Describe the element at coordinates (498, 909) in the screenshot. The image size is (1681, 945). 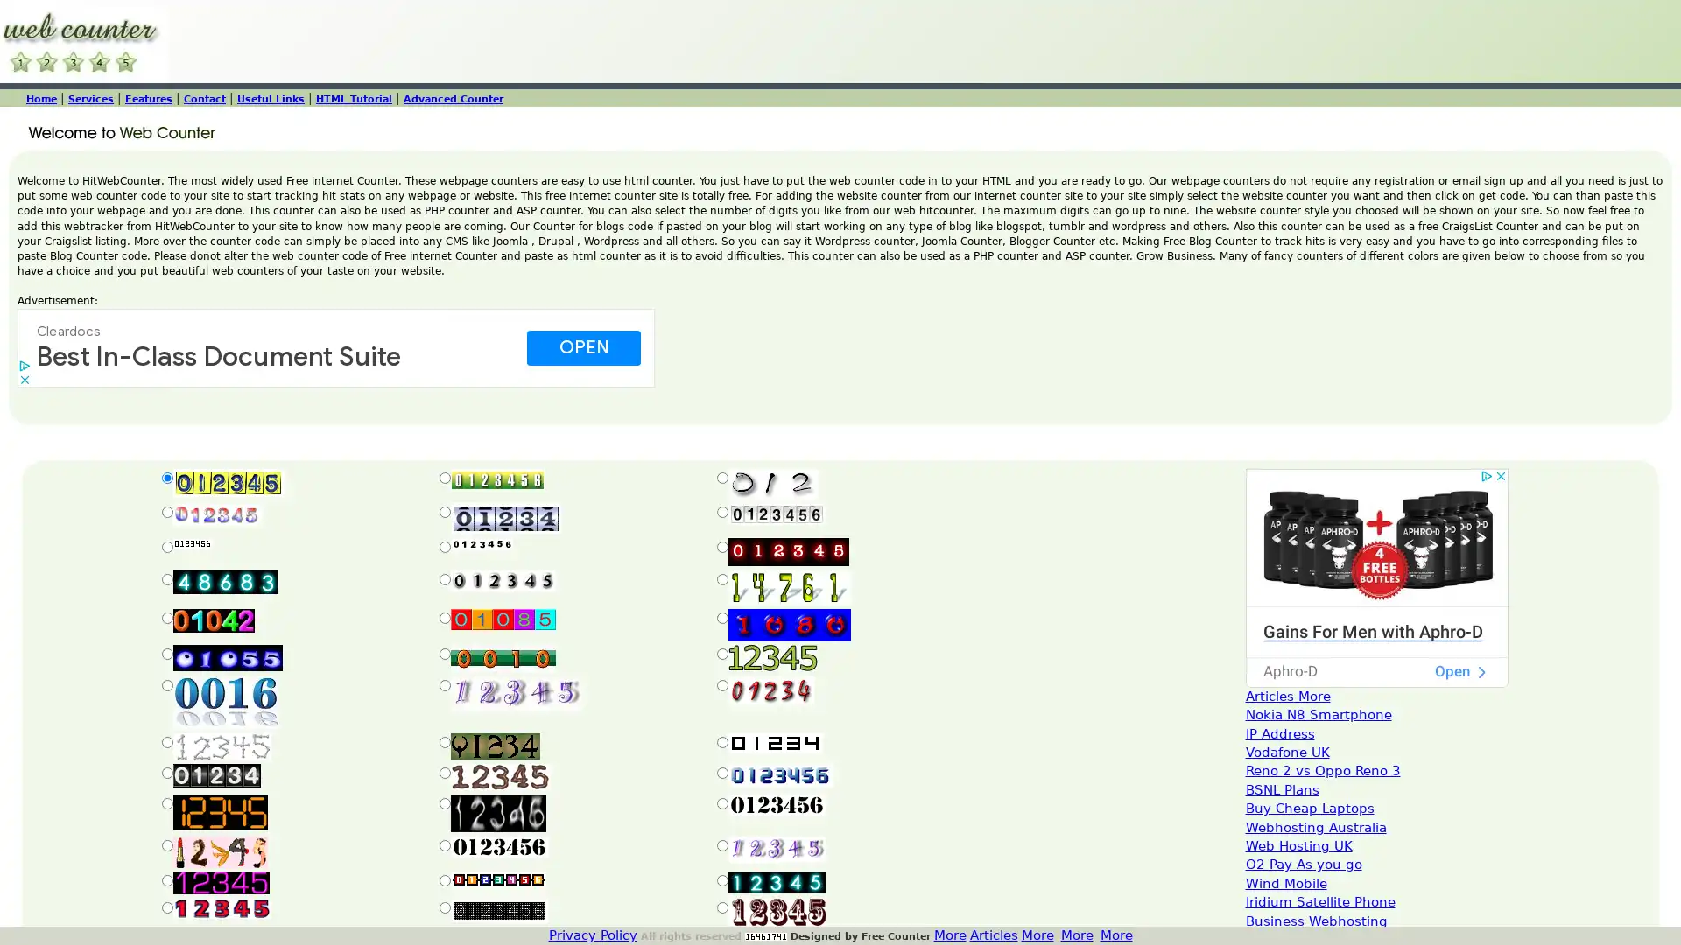
I see `Submit` at that location.